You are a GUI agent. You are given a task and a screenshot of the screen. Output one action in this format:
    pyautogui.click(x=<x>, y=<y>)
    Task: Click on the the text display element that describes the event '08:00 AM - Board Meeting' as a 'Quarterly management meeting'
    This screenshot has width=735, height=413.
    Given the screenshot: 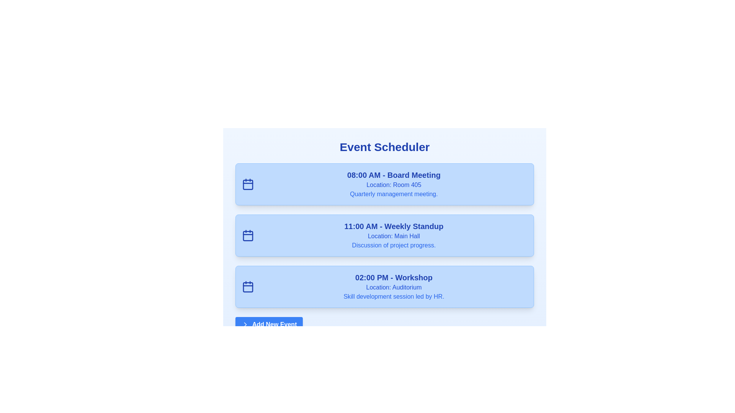 What is the action you would take?
    pyautogui.click(x=394, y=194)
    